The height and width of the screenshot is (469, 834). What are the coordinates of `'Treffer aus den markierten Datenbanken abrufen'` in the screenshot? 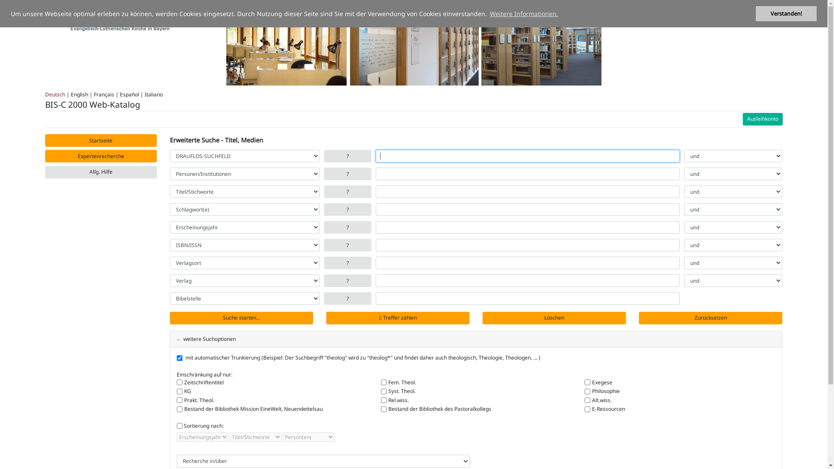 It's located at (242, 318).